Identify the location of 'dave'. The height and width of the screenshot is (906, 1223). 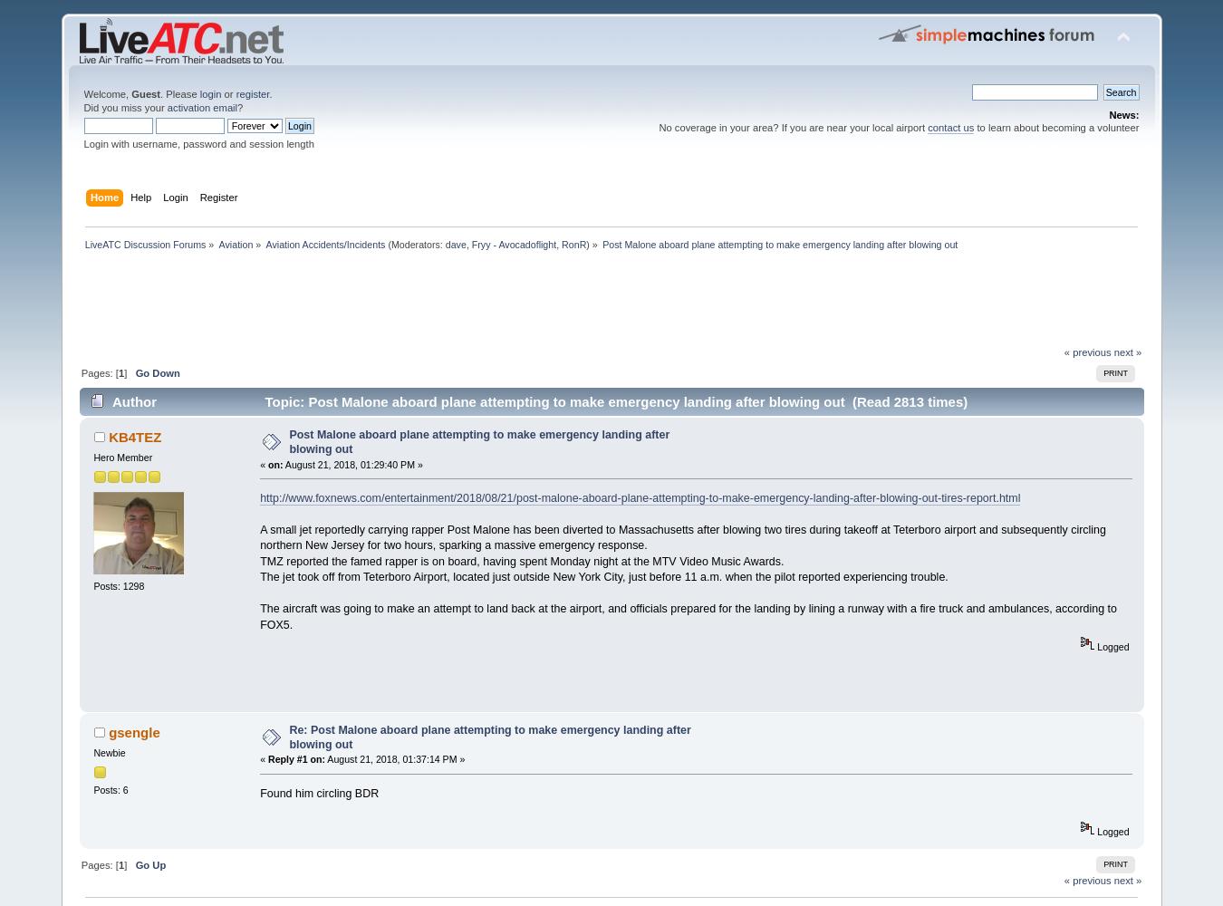
(454, 245).